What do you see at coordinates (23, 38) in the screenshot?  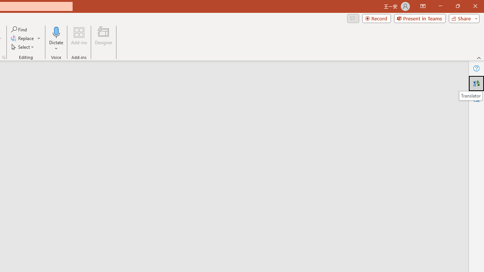 I see `'Replace...'` at bounding box center [23, 38].